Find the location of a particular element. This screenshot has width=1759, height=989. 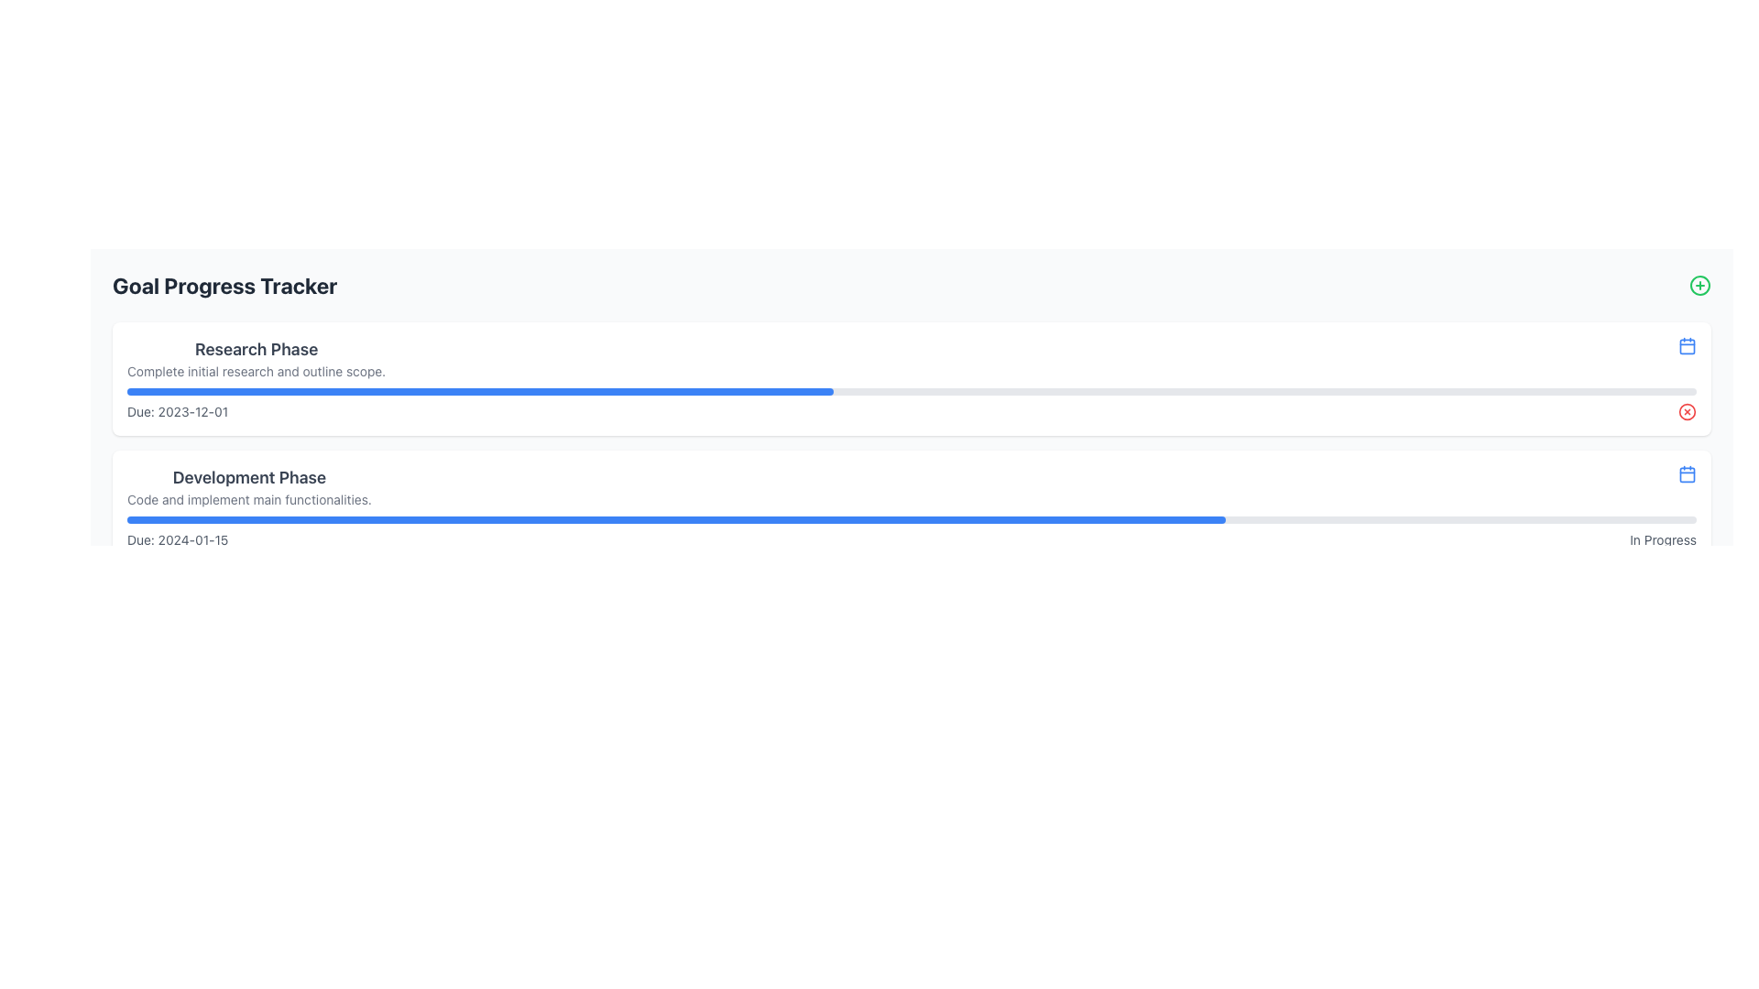

the informational text label indicating the deadline date for the 'Development Phase', located below the progress bar and before the 'In Progress' label is located at coordinates (178, 539).